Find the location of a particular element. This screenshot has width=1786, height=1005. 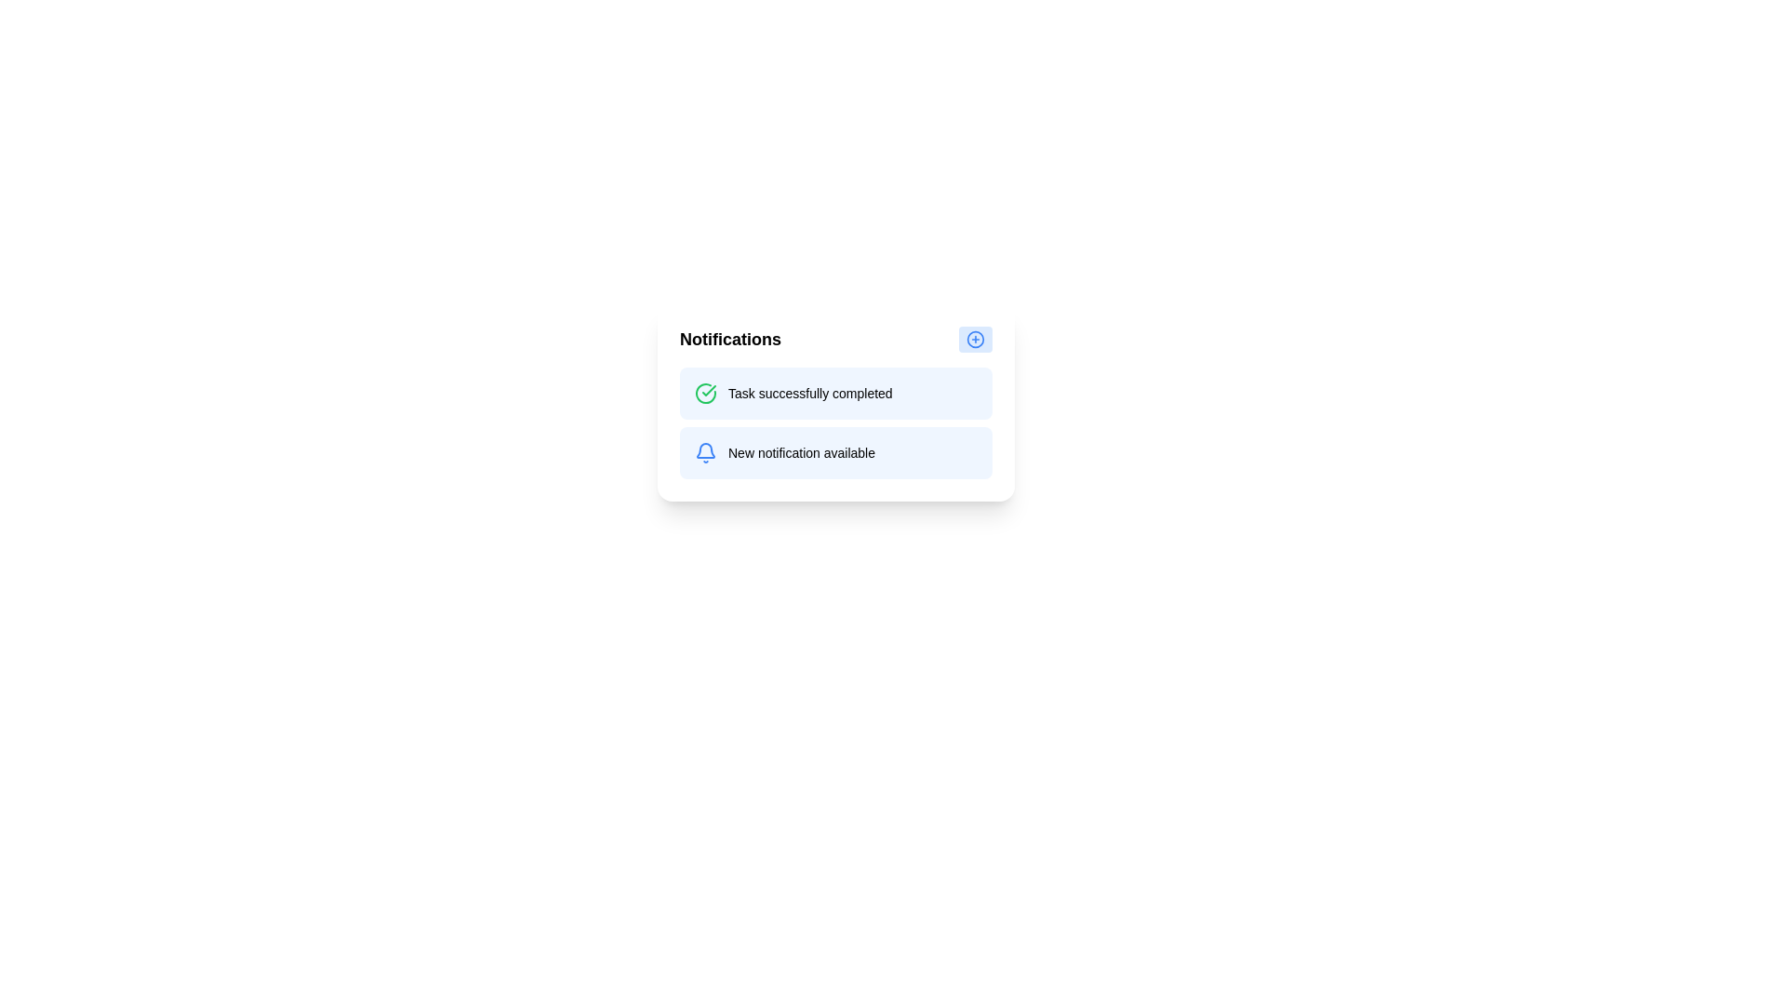

the notification icon, which is the leftmost icon in the second entry of the 'Notifications' panel, indicating an available update or alert is located at coordinates (704, 452).